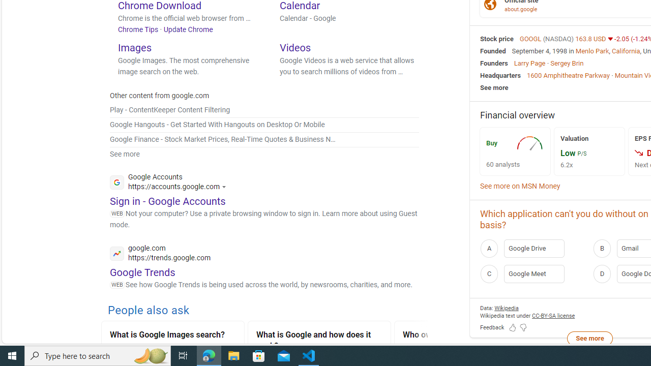  What do you see at coordinates (533, 273) in the screenshot?
I see `'C Google Meet'` at bounding box center [533, 273].